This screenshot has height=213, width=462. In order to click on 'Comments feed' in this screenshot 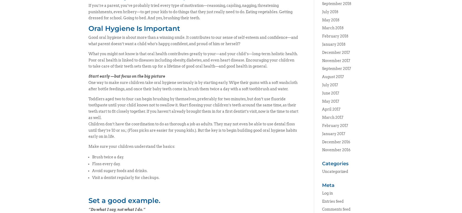, I will do `click(336, 209)`.